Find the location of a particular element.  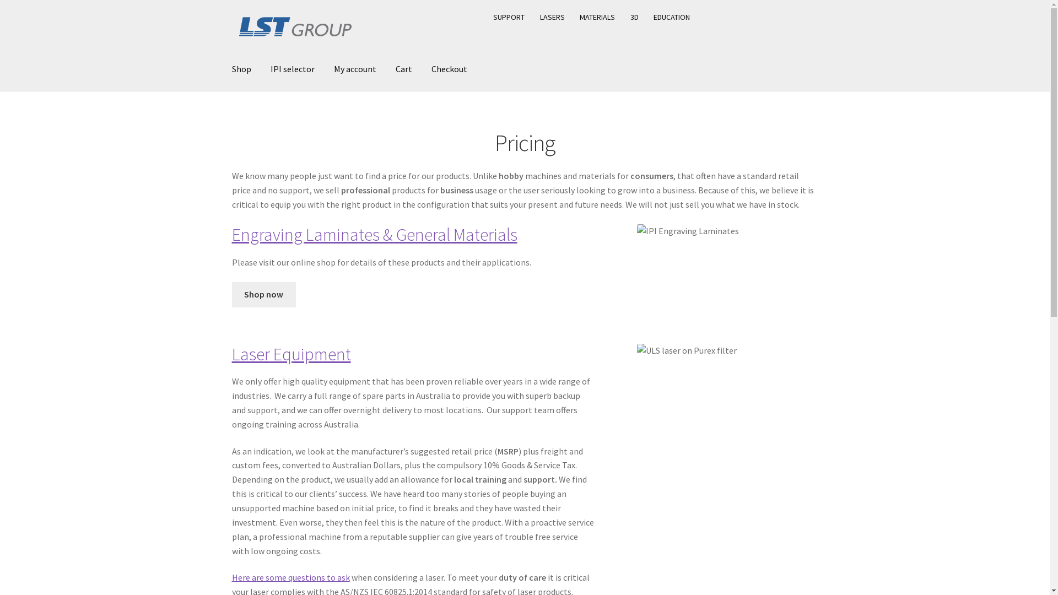

'Here are some questions to ask' is located at coordinates (291, 577).